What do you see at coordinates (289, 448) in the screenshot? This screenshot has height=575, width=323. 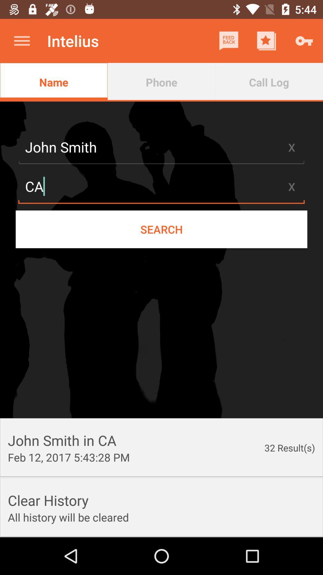 I see `32 result(s) item` at bounding box center [289, 448].